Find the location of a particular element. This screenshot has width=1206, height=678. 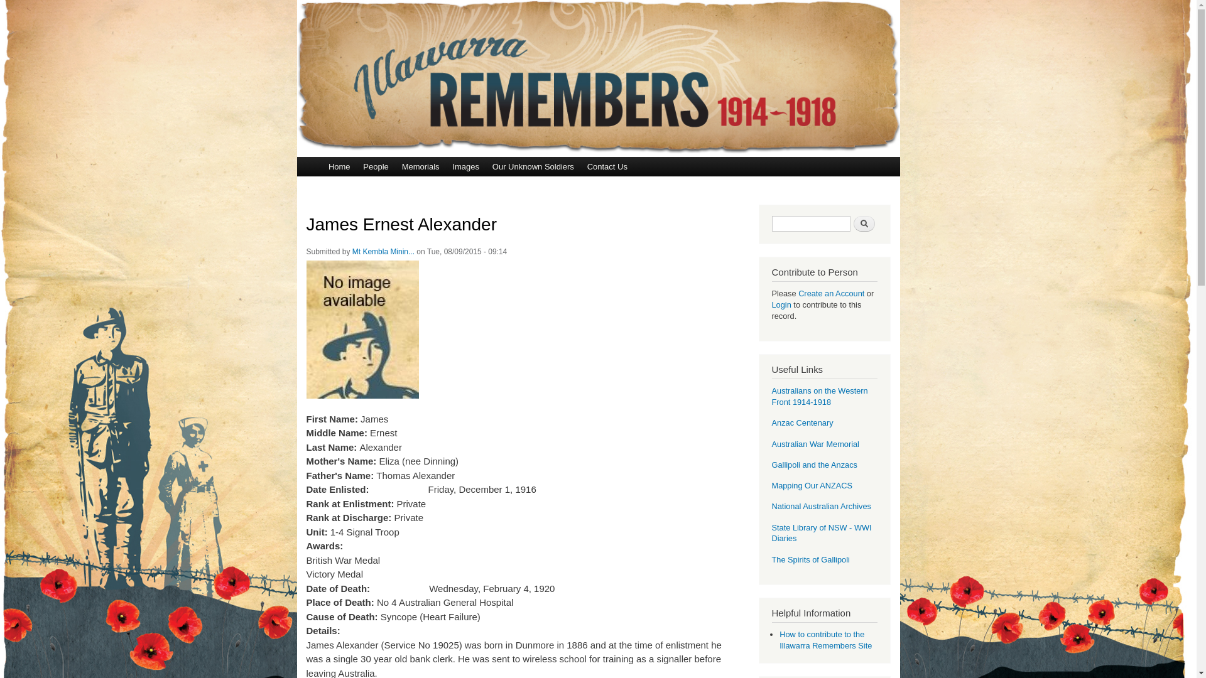

'Skip to main content' is located at coordinates (571, 1).